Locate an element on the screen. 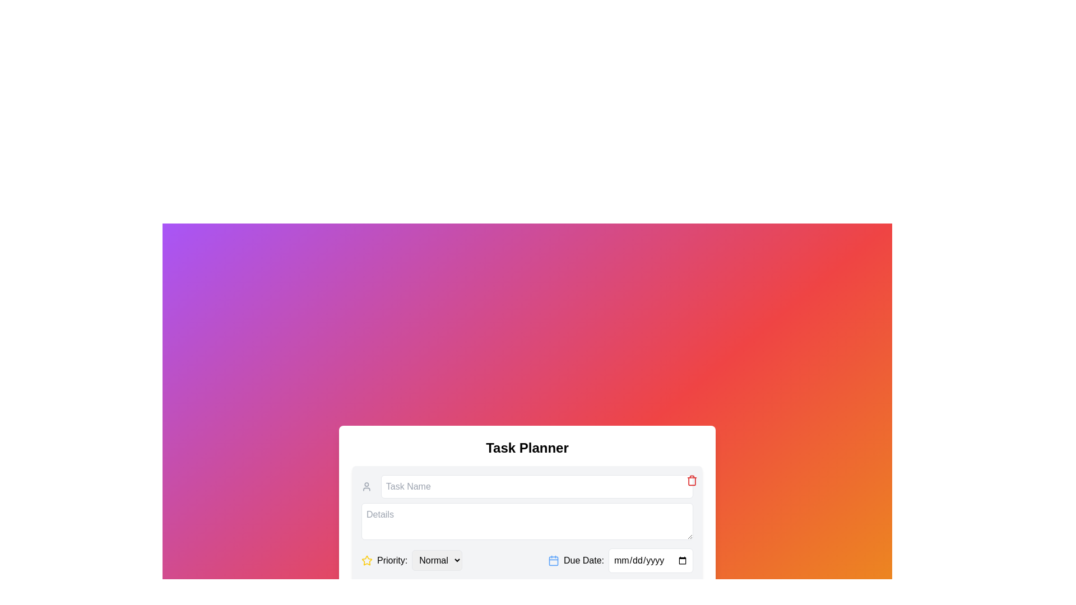 The width and height of the screenshot is (1076, 605). the calendar icon indicating the interactive date selection option located to the right of the 'Due Date' input field in the task planner form is located at coordinates (554, 561).